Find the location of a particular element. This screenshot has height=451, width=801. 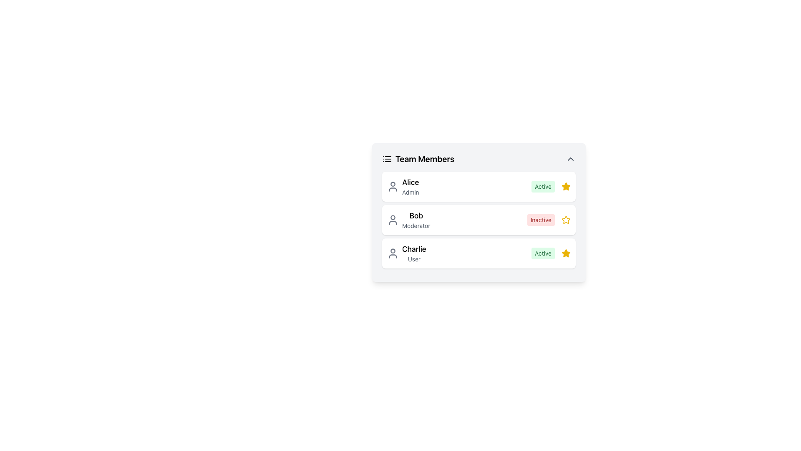

the circular graphical element representing user Alice's avatar in the 'Team Members' section, located to the left of the text 'Alice' is located at coordinates (392, 183).